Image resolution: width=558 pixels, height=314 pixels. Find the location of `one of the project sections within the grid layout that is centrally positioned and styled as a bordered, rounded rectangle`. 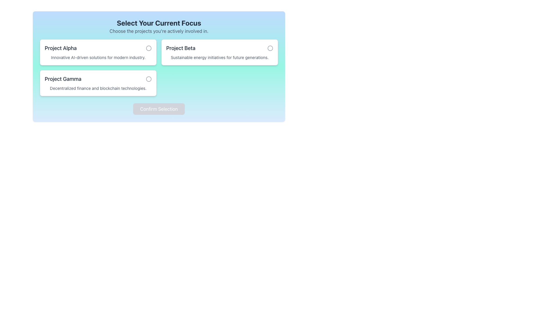

one of the project sections within the grid layout that is centrally positioned and styled as a bordered, rounded rectangle is located at coordinates (159, 67).